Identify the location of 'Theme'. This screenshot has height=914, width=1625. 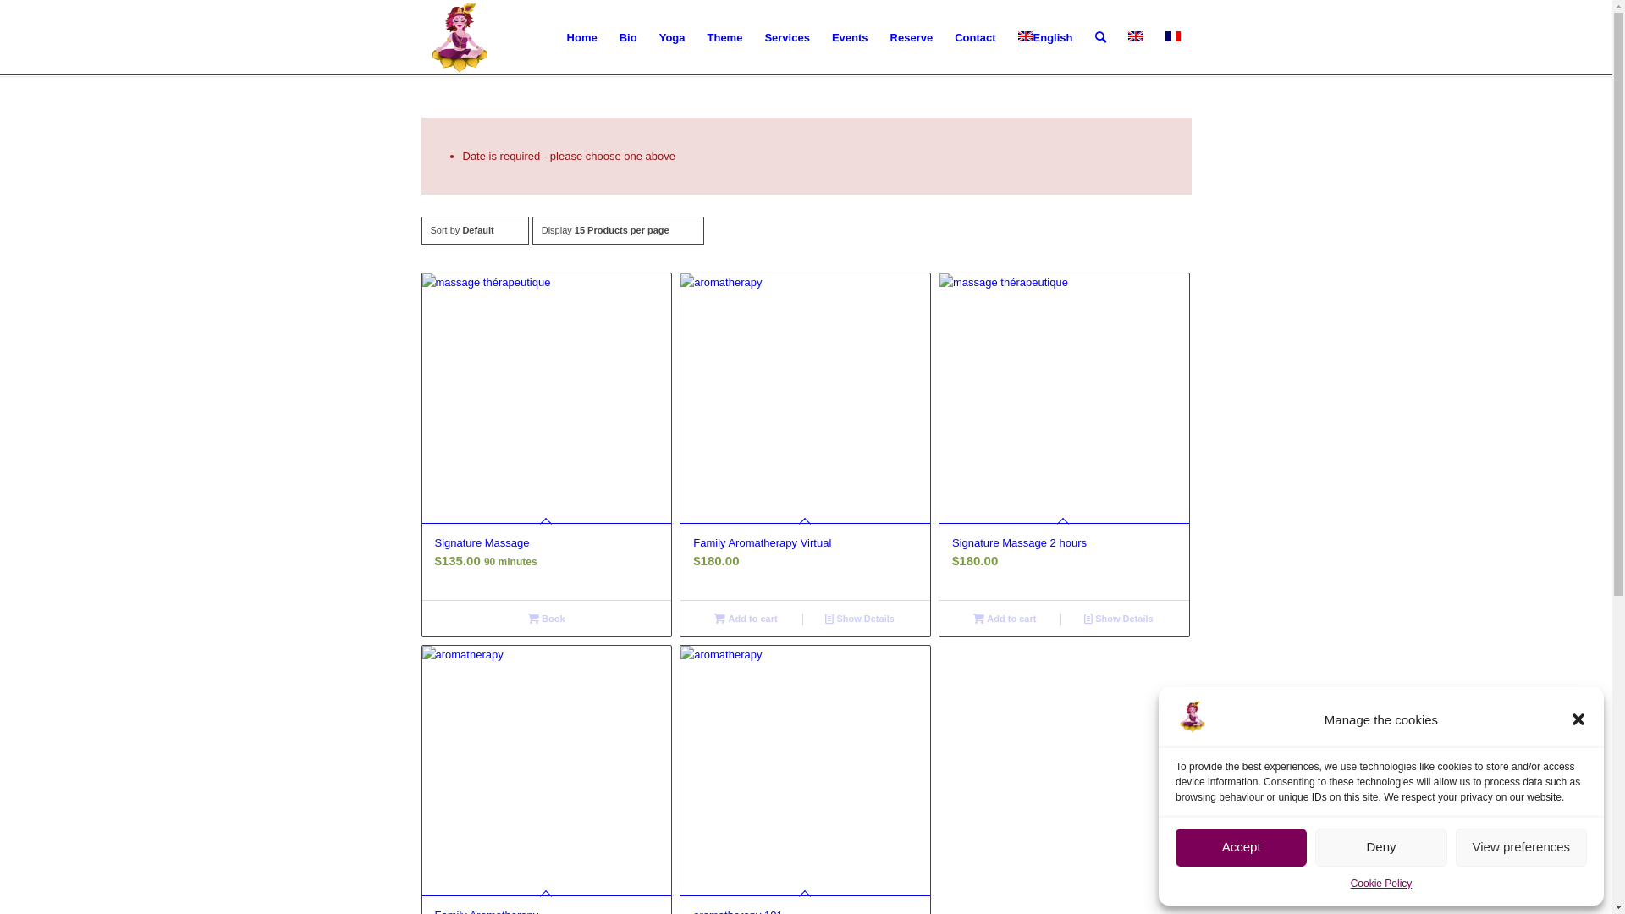
(695, 38).